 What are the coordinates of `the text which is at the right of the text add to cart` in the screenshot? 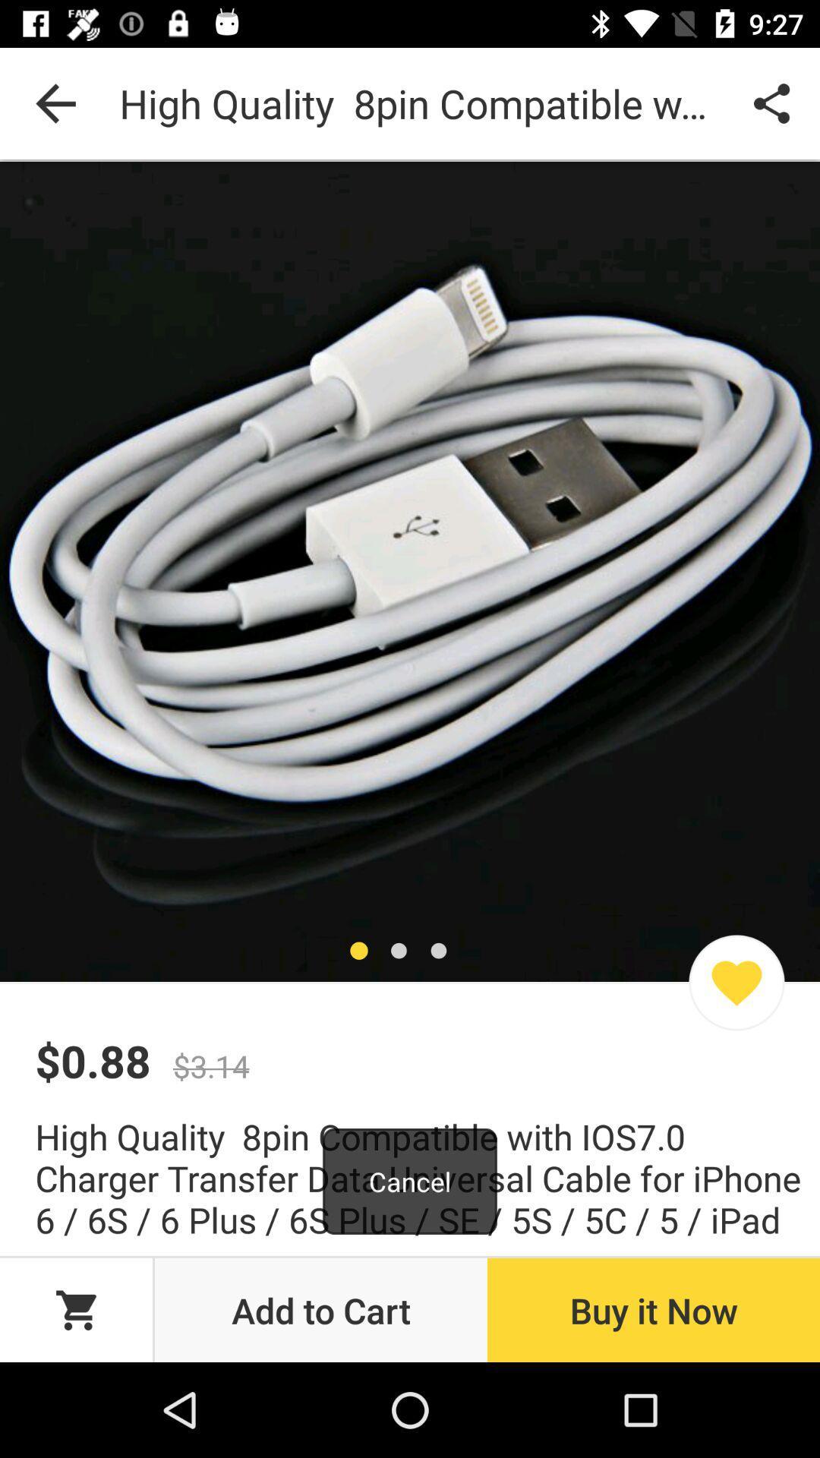 It's located at (652, 1309).